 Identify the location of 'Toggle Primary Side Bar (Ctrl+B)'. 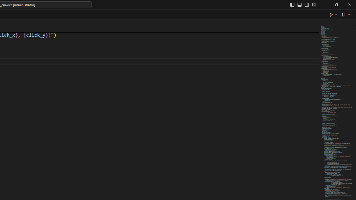
(292, 4).